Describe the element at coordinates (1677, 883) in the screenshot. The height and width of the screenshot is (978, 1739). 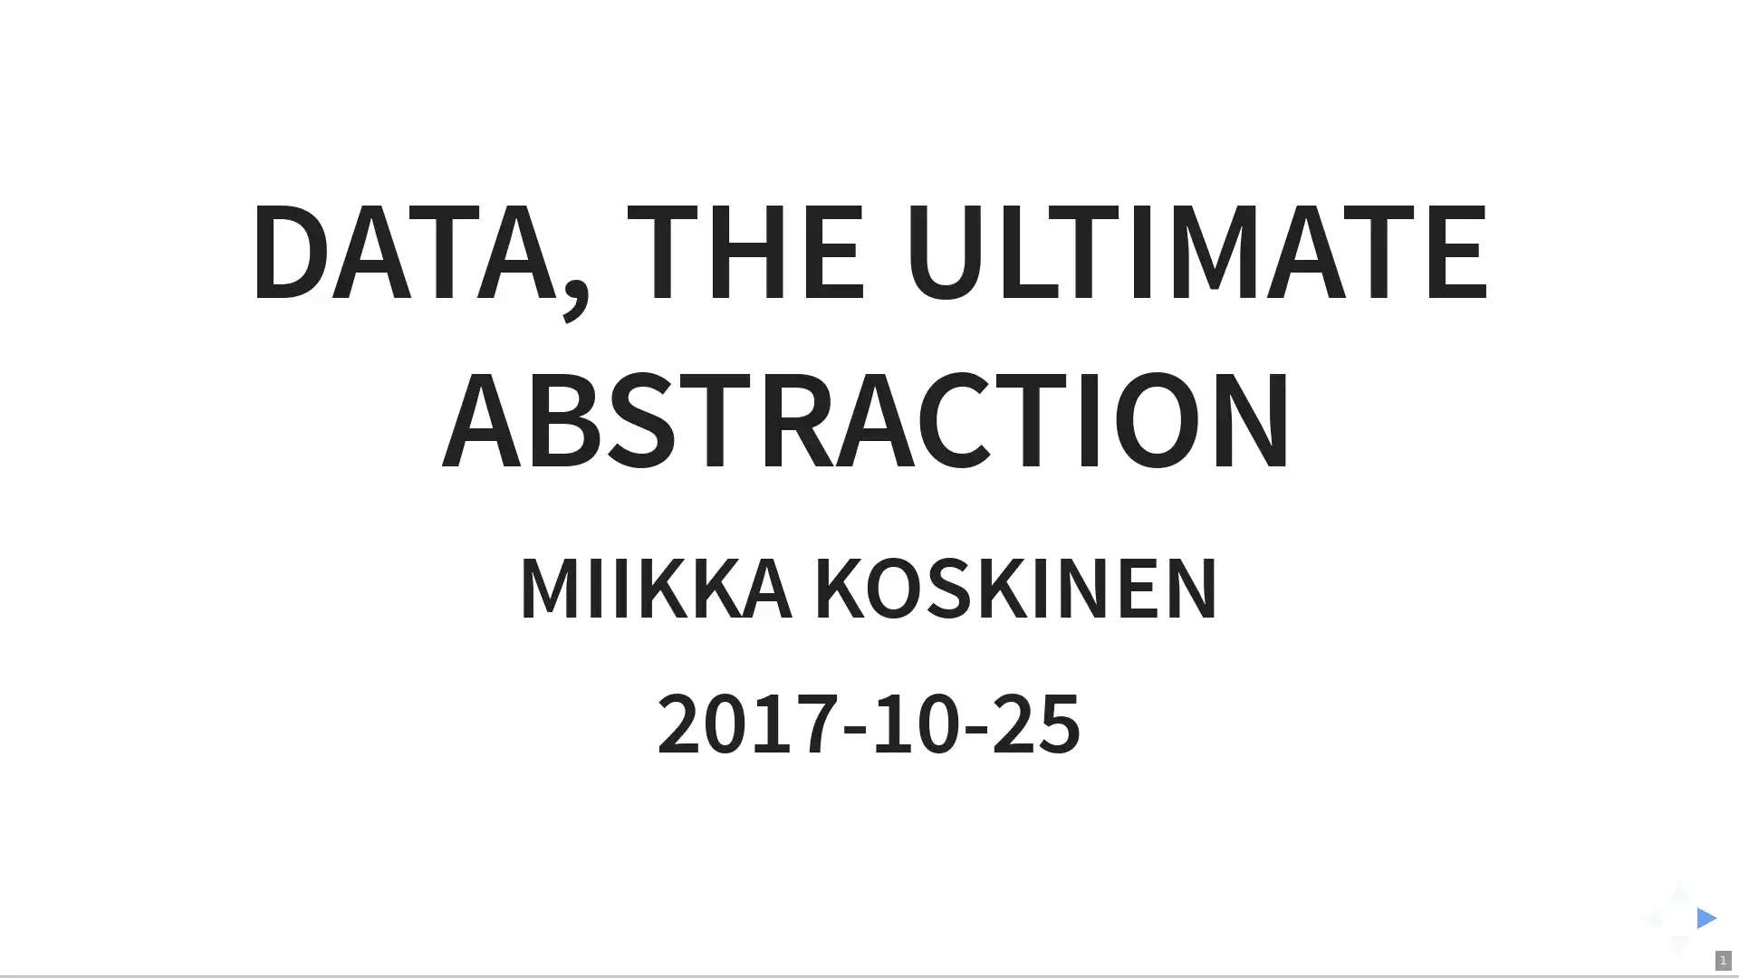
I see `above slide` at that location.